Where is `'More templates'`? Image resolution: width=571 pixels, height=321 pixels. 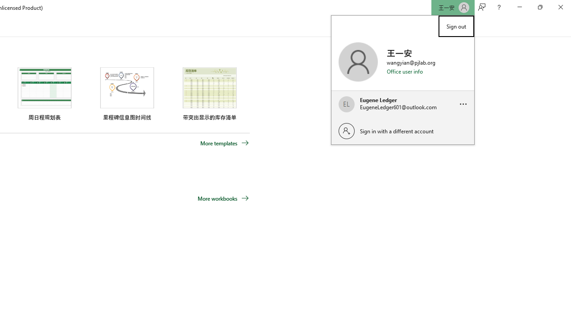
'More templates' is located at coordinates (224, 143).